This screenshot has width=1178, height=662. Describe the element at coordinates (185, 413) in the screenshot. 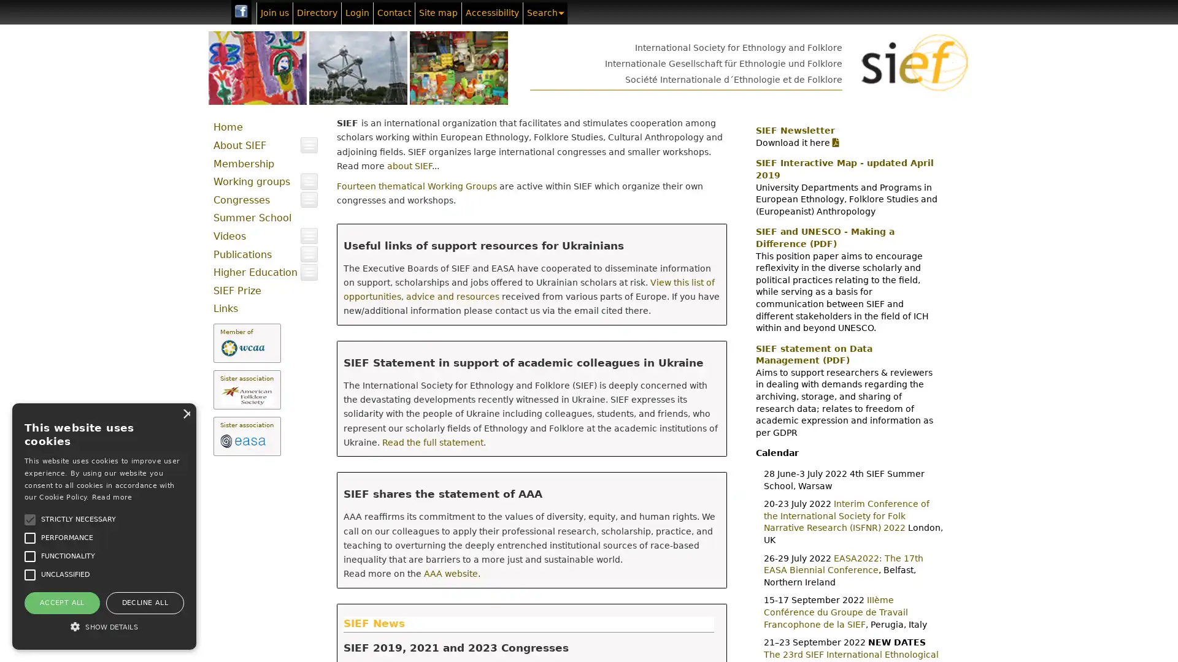

I see `Close` at that location.